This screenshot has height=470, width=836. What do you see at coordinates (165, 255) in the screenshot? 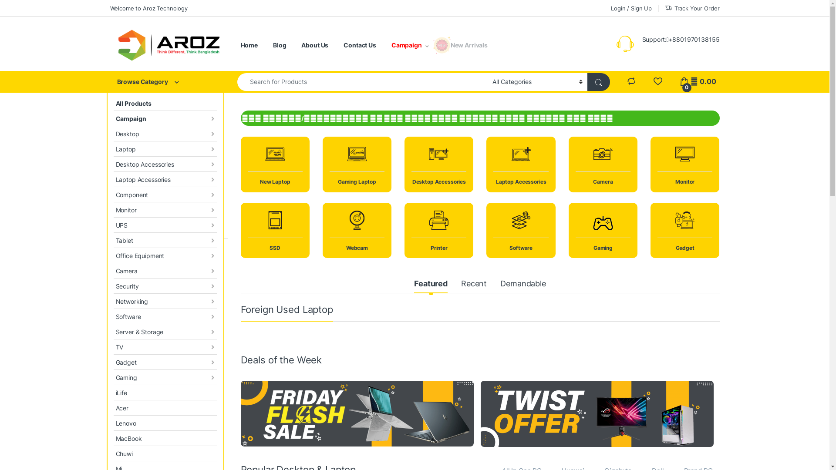
I see `'Office Equipment'` at bounding box center [165, 255].